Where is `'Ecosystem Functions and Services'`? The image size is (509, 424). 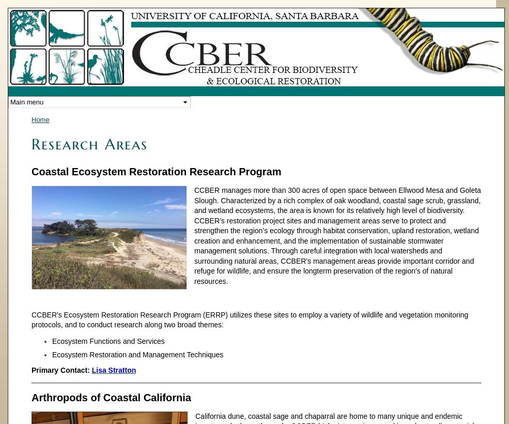
'Ecosystem Functions and Services' is located at coordinates (107, 340).